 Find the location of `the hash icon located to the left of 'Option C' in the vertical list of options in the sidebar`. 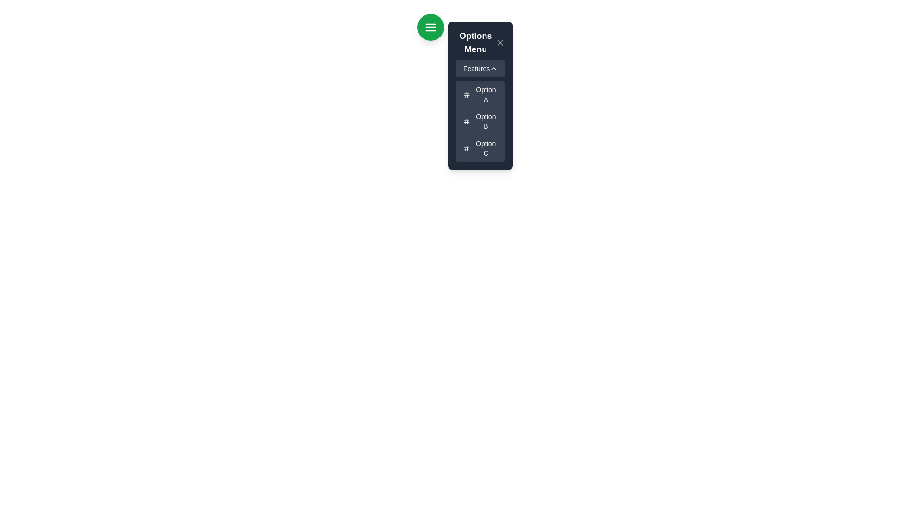

the hash icon located to the left of 'Option C' in the vertical list of options in the sidebar is located at coordinates (467, 148).